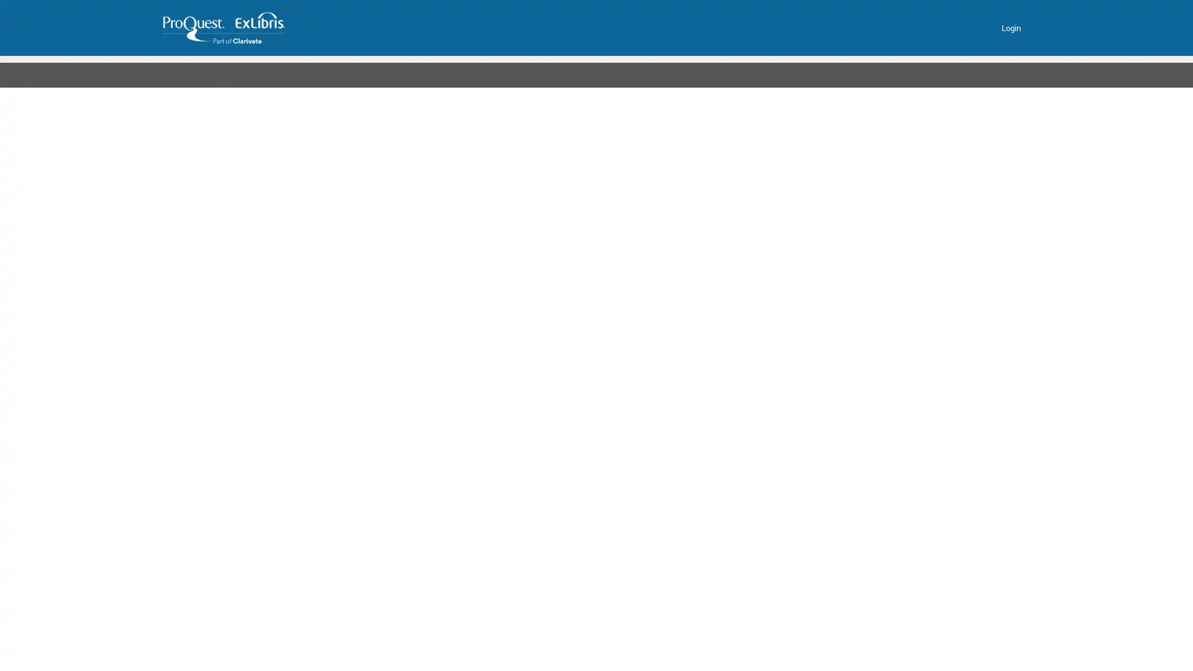 The width and height of the screenshot is (1193, 671). I want to click on Contact Us, so click(378, 71).